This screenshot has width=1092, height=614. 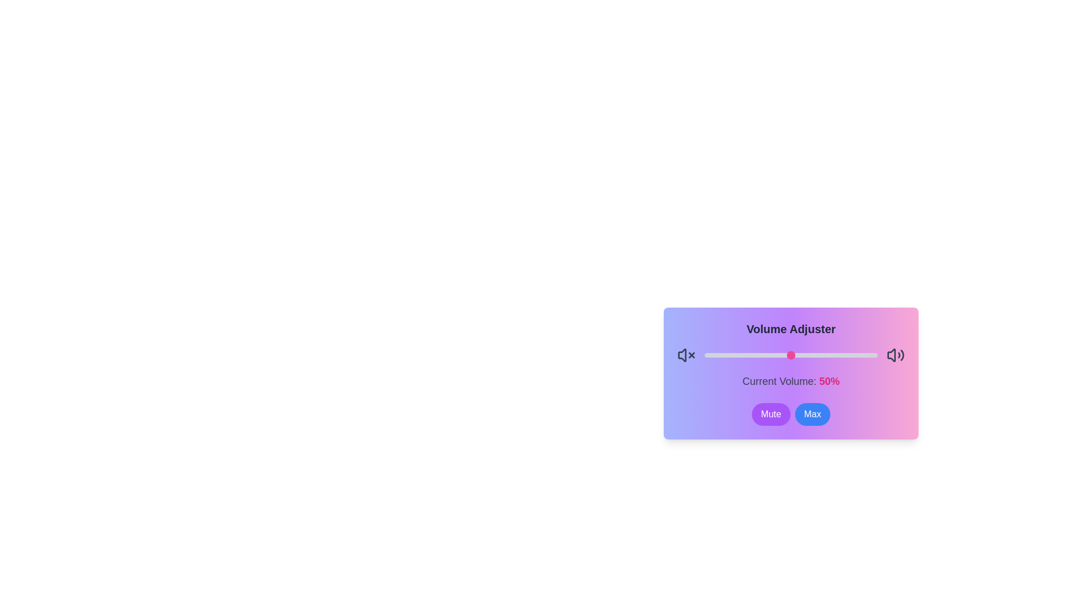 What do you see at coordinates (862, 354) in the screenshot?
I see `the volume to 91 percent by dragging the slider` at bounding box center [862, 354].